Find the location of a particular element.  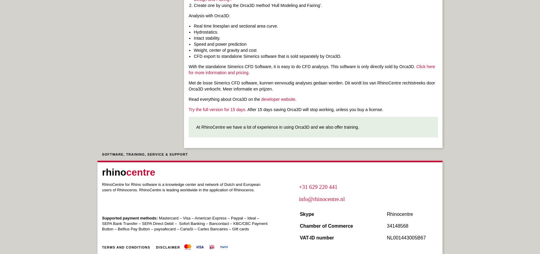

'Met de losse Simerics CFD software, kunnen eenvoudig analyses gedaan worden. Dit wordt los van RhinoCentre rechtstreeks door Orca3D verkocht. Meer informatie en prijzen.' is located at coordinates (311, 86).